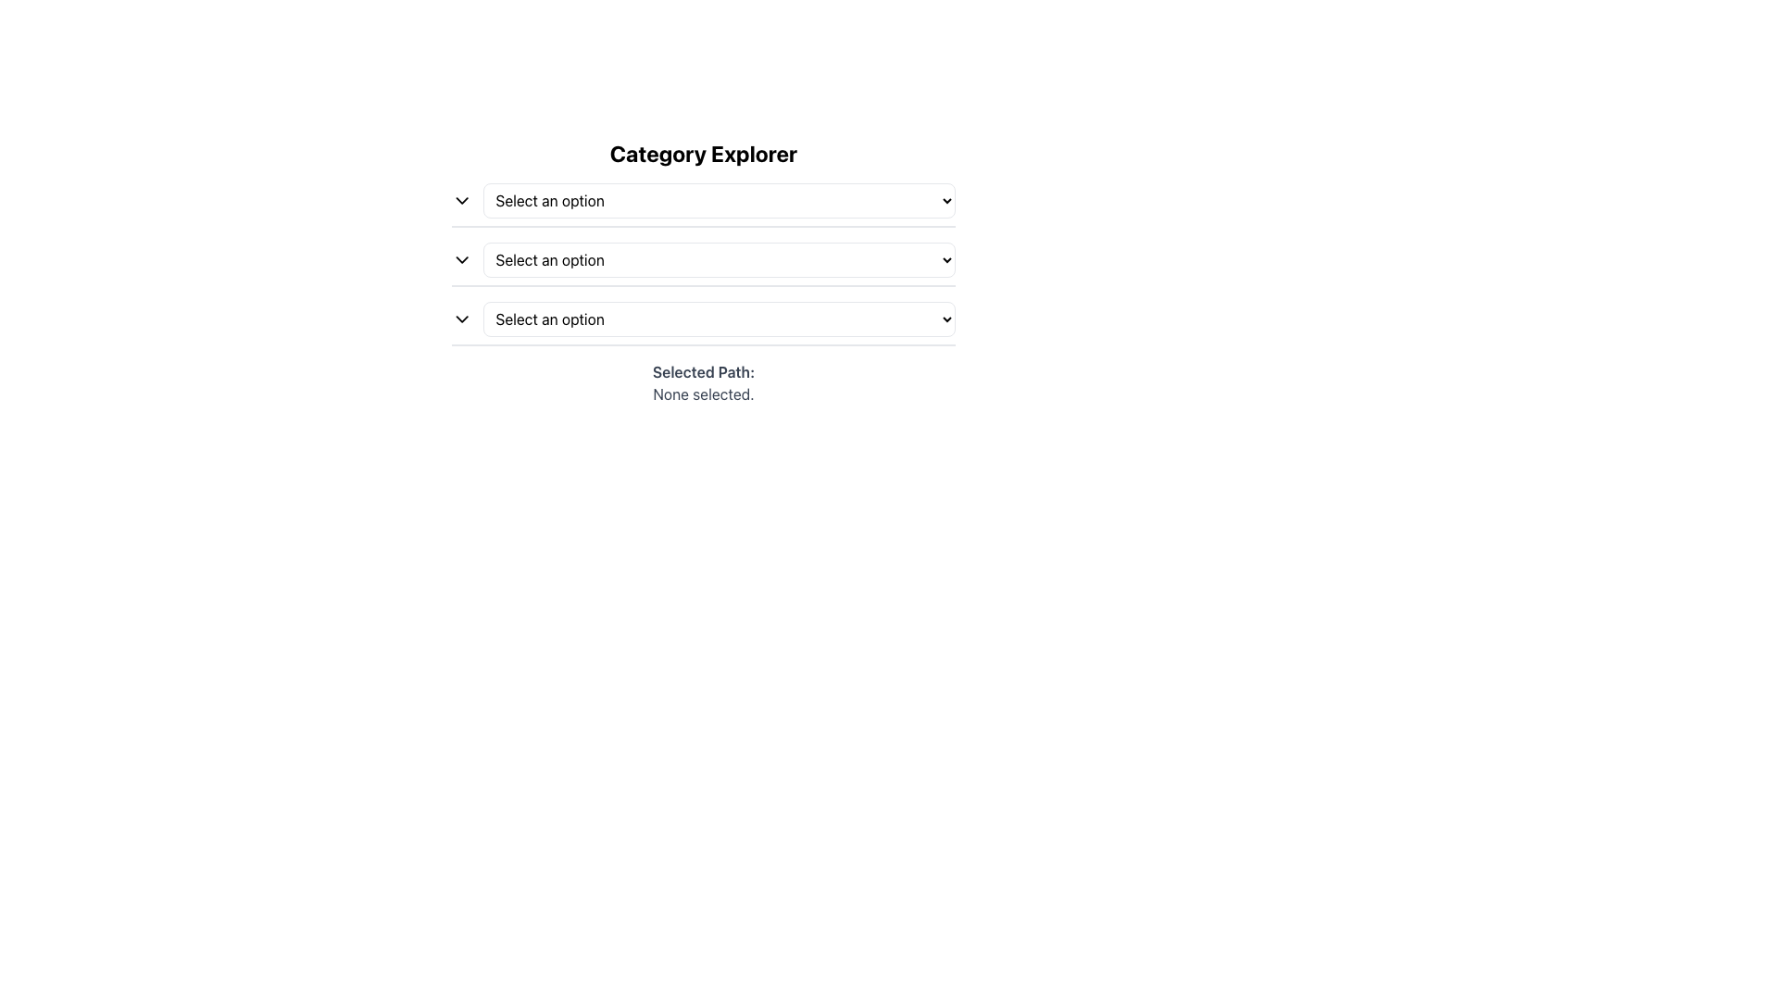 Image resolution: width=1778 pixels, height=1000 pixels. I want to click on the second dropdown menu in the 'Category Explorer' group, so click(719, 260).